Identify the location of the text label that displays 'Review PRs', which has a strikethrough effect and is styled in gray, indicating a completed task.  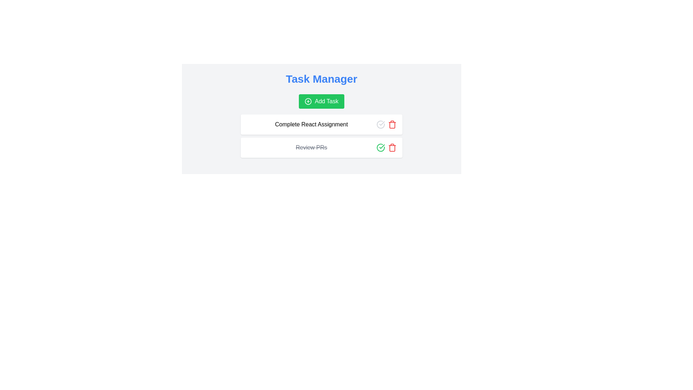
(311, 147).